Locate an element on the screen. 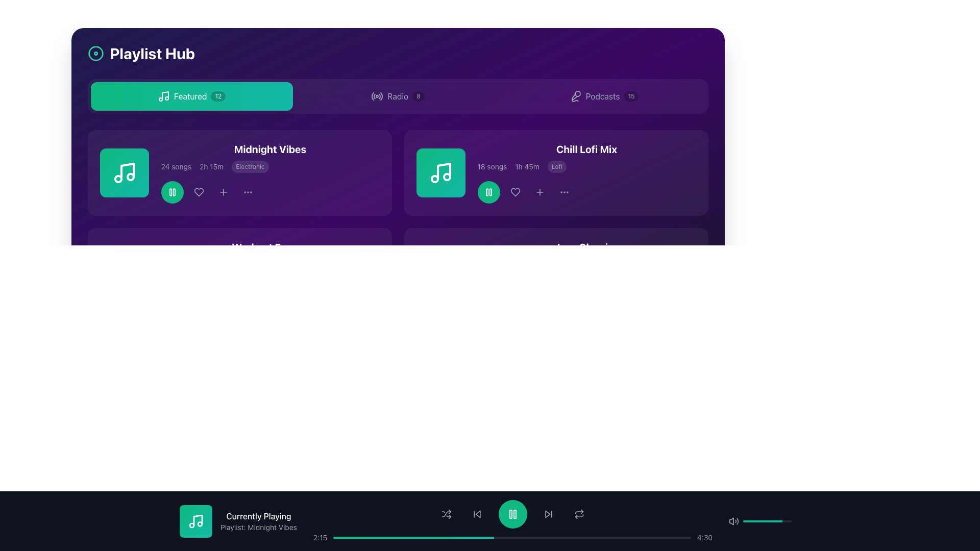 This screenshot has height=551, width=980. playback time is located at coordinates (659, 537).